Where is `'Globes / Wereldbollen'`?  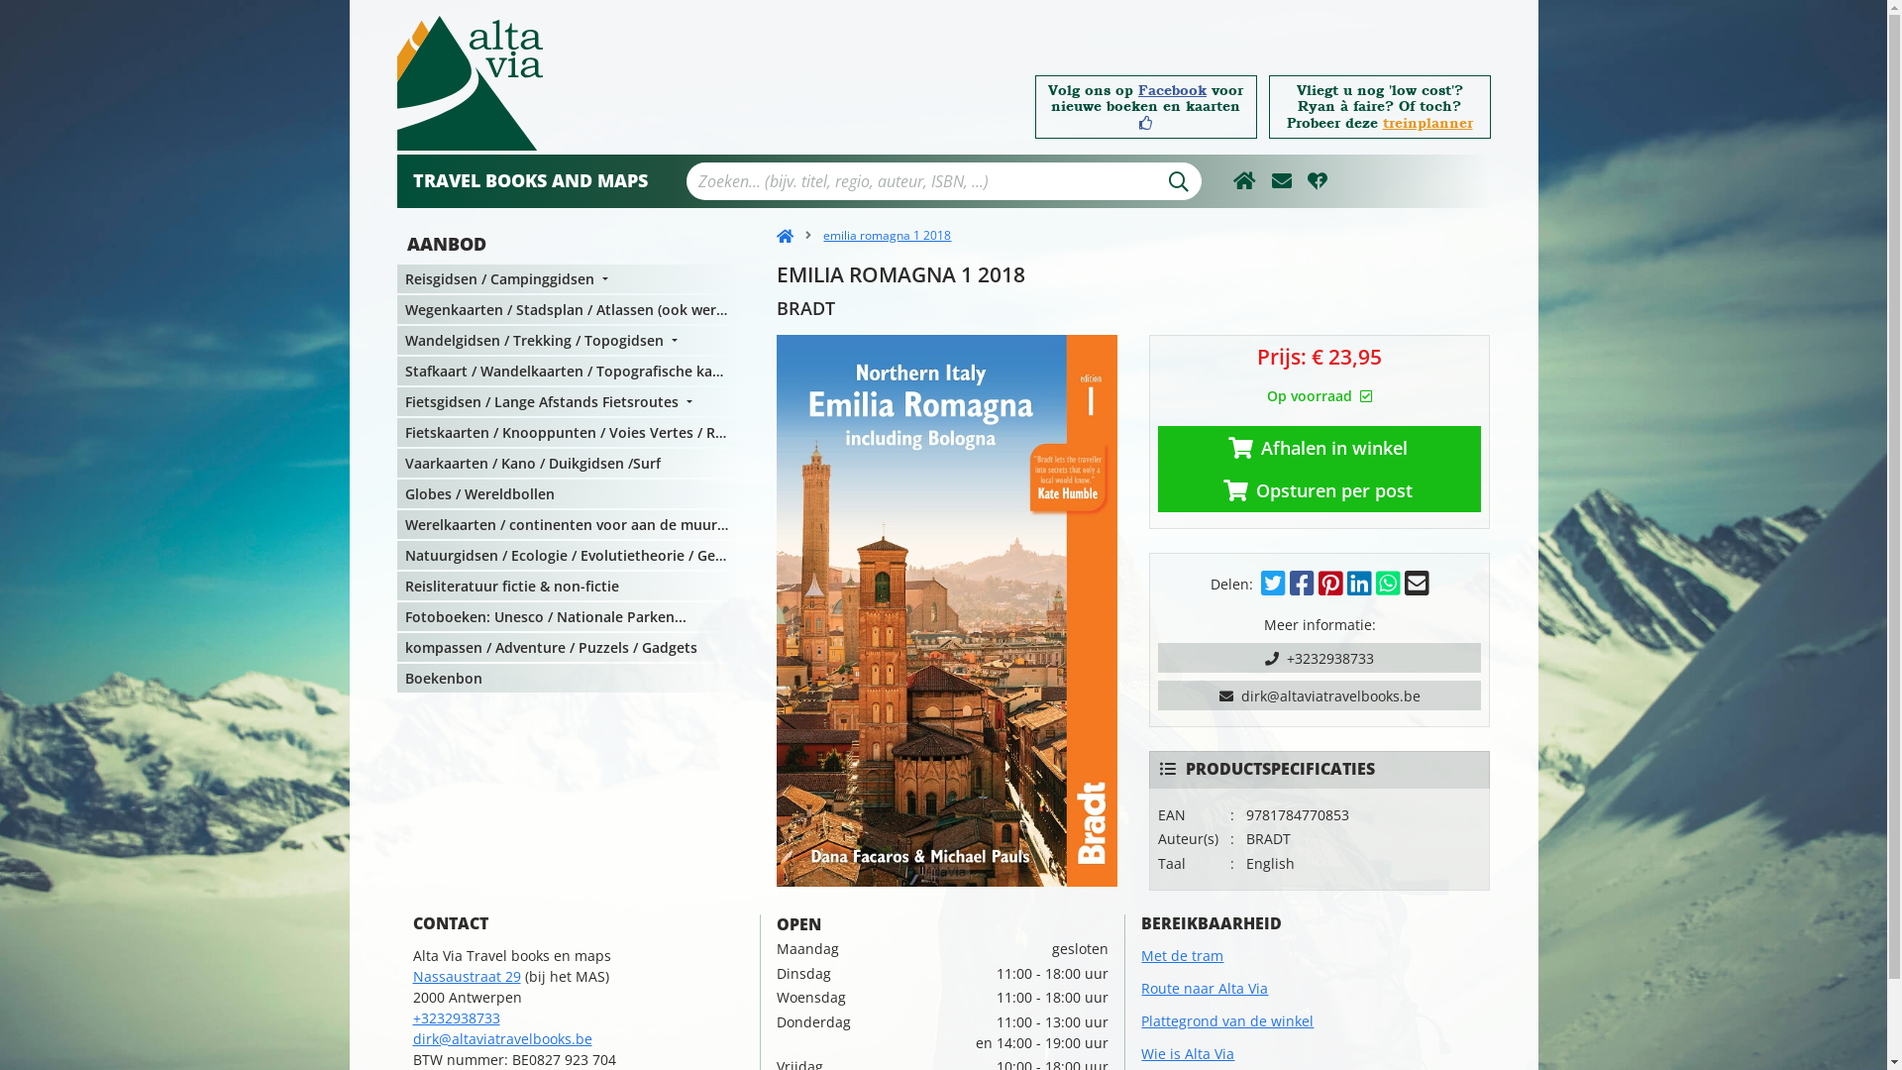
'Globes / Wereldbollen' is located at coordinates (570, 492).